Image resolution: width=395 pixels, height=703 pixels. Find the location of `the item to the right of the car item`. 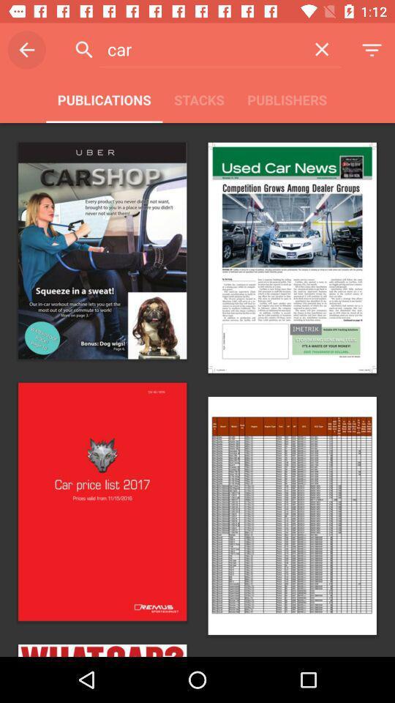

the item to the right of the car item is located at coordinates (322, 49).